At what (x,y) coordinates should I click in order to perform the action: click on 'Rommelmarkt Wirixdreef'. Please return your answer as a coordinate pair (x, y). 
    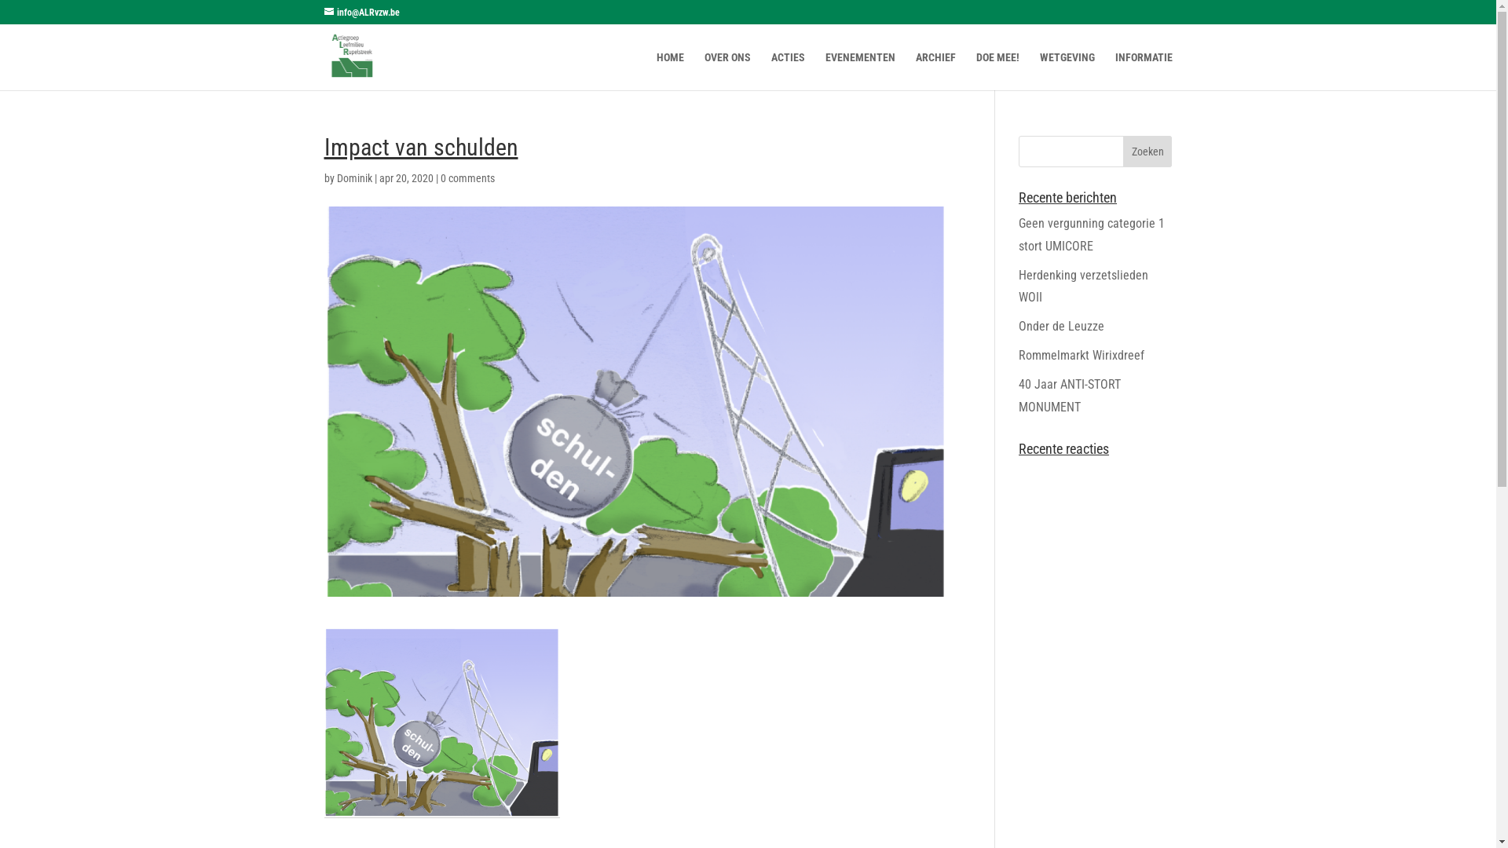
    Looking at the image, I should click on (1018, 355).